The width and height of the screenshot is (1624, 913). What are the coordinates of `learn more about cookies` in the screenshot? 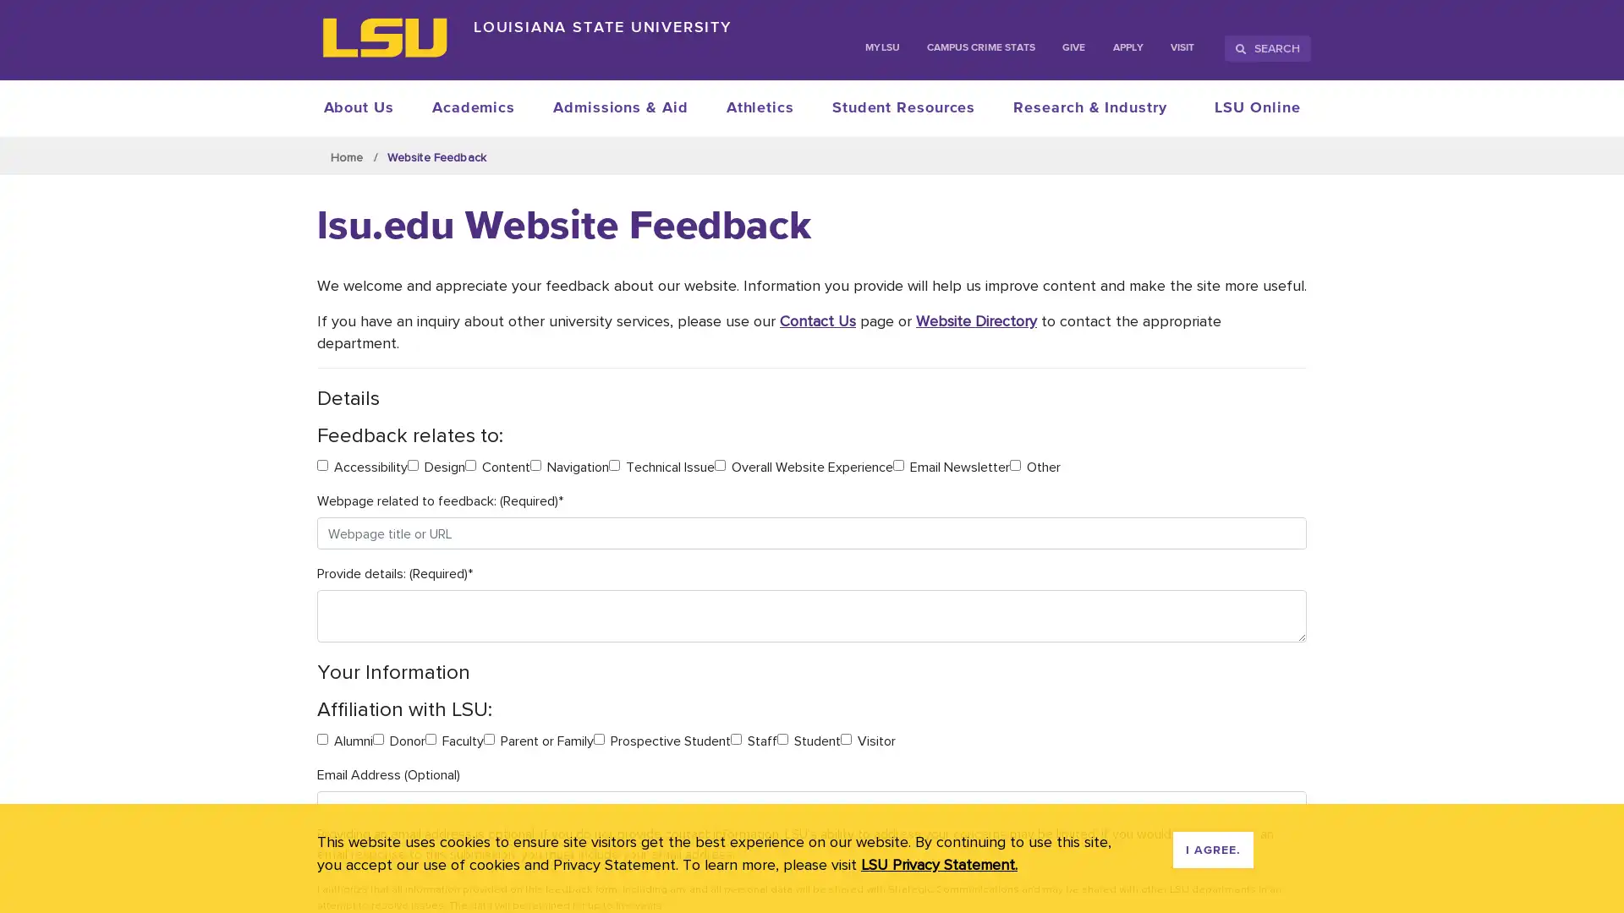 It's located at (938, 864).